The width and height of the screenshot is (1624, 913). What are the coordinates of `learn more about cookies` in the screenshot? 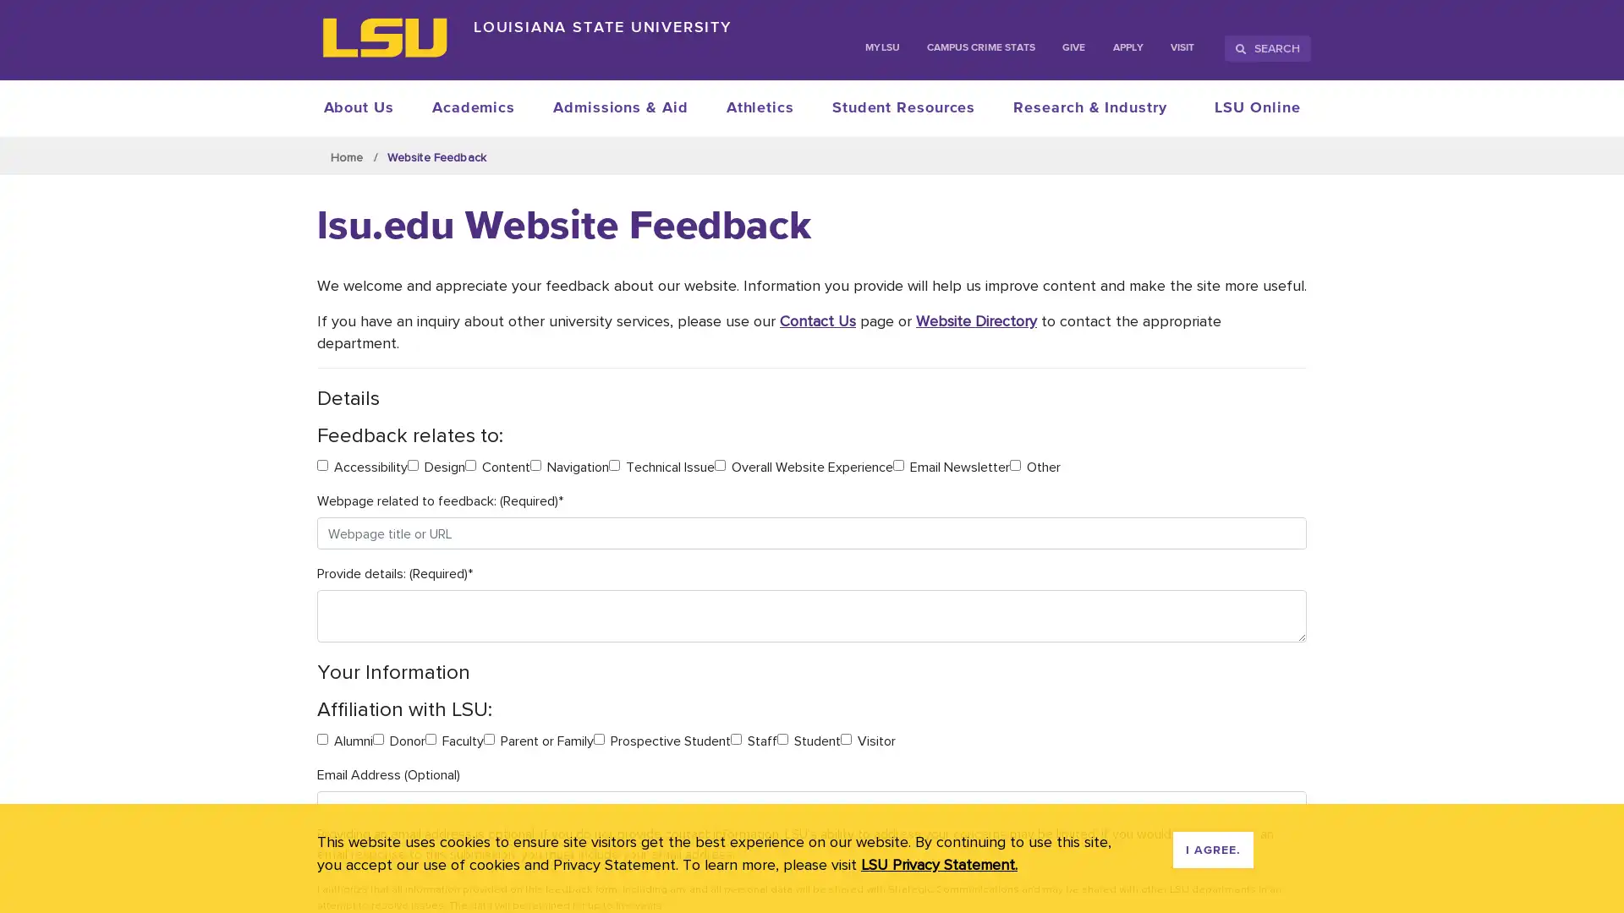 It's located at (938, 864).